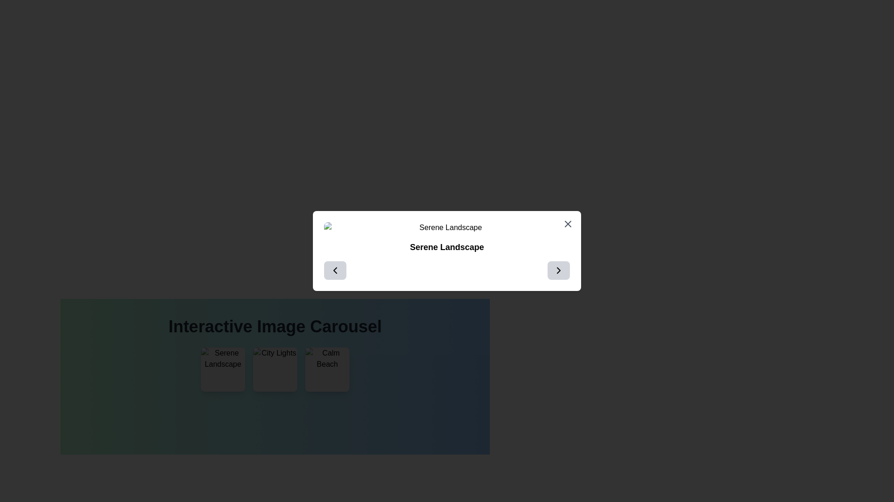 This screenshot has height=502, width=894. What do you see at coordinates (559, 271) in the screenshot?
I see `the right-pointing arrow icon button located at the bottom-right corner of the modal` at bounding box center [559, 271].